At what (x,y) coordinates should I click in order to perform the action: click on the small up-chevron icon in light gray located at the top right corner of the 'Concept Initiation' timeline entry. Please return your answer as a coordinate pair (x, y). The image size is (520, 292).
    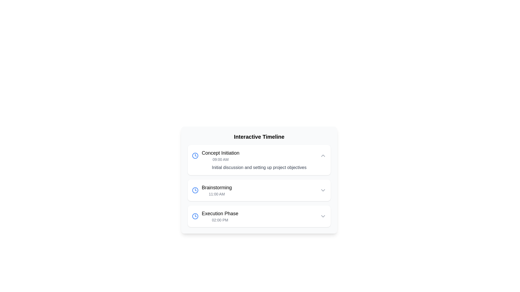
    Looking at the image, I should click on (323, 155).